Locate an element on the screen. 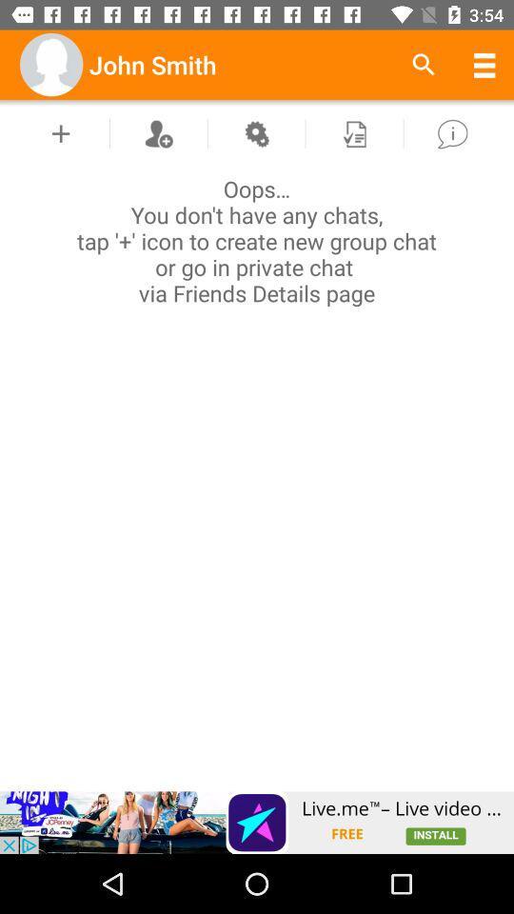 The height and width of the screenshot is (914, 514). advertisement is located at coordinates (257, 822).